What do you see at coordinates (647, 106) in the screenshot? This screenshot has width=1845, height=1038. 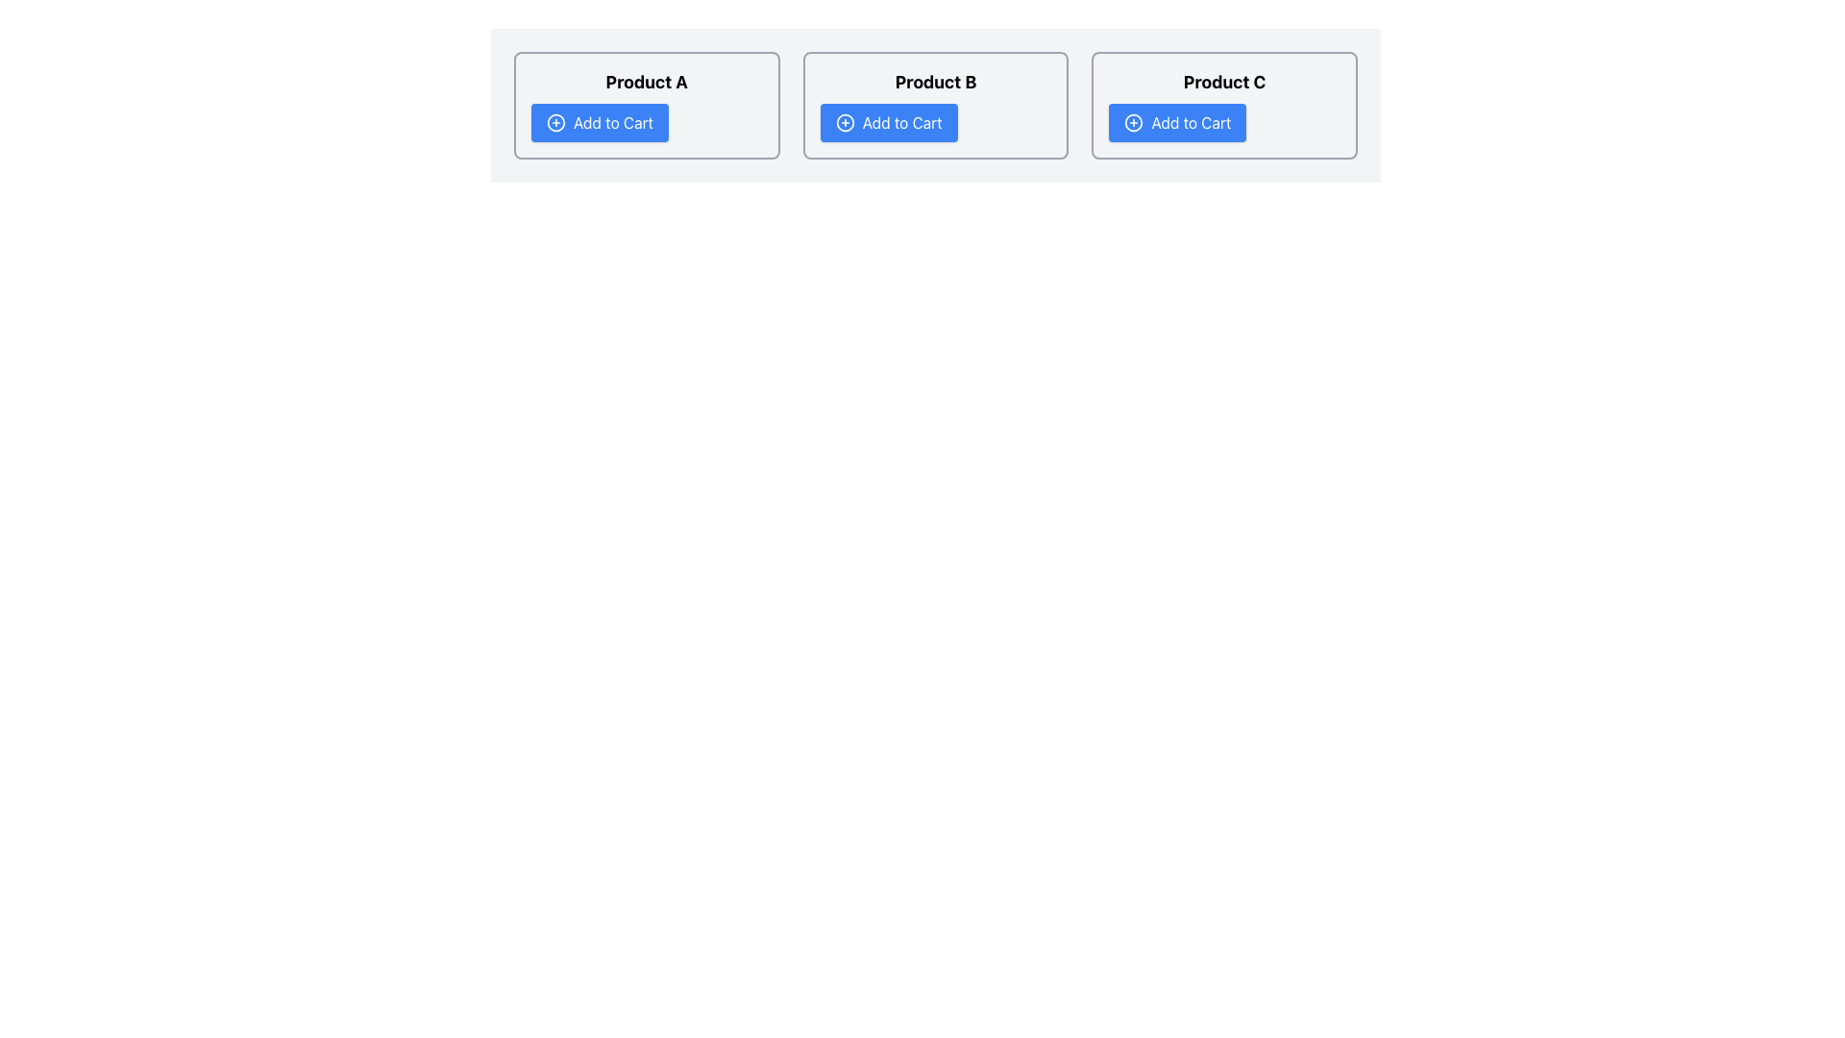 I see `the 'Add to Cart' button in the product card for 'Product A' to change its background color` at bounding box center [647, 106].